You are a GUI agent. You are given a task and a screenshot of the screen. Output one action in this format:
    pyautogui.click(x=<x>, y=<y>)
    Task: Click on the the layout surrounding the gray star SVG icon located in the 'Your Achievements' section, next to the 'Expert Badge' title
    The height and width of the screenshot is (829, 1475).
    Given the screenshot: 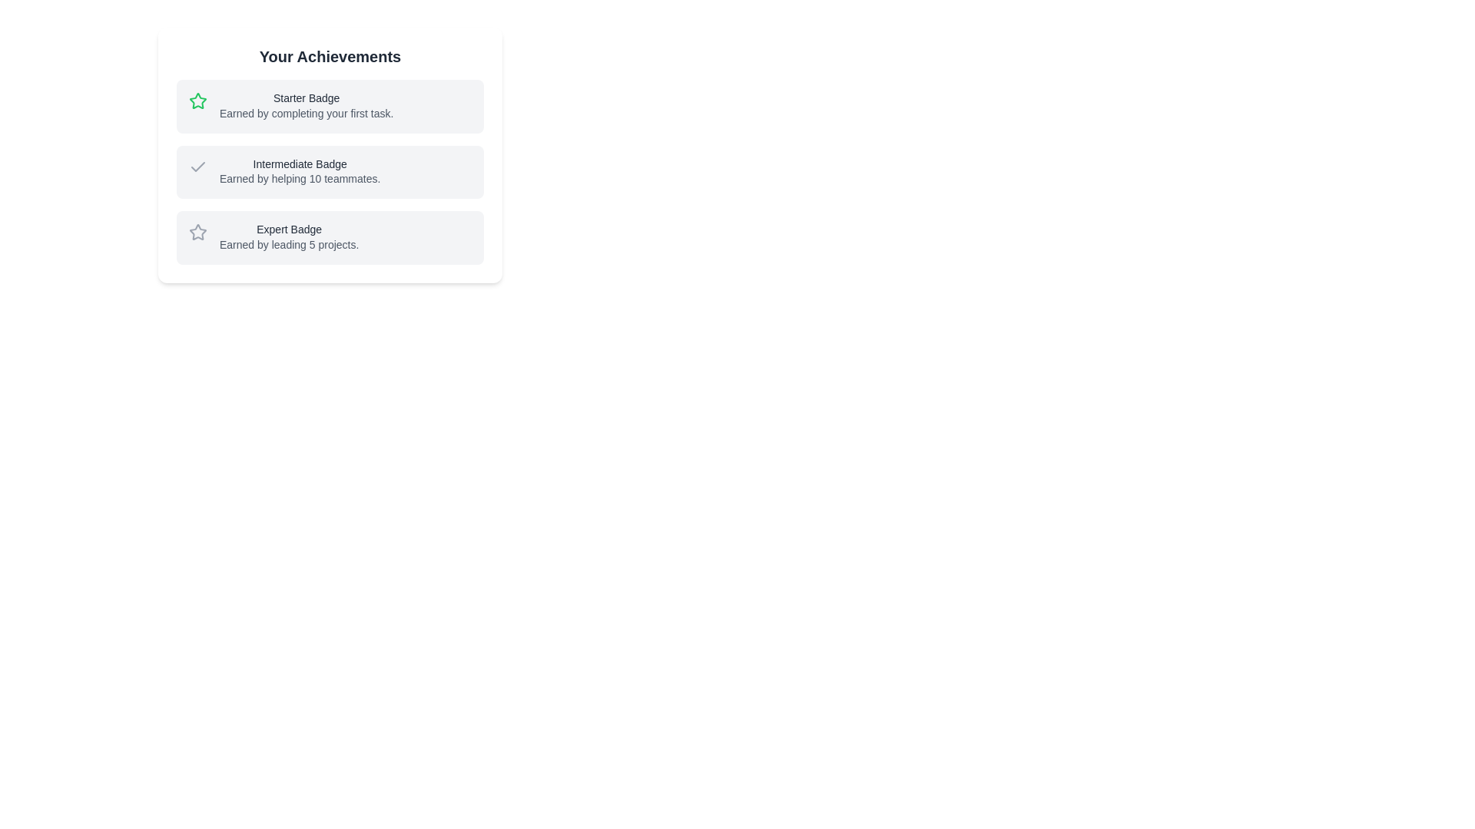 What is the action you would take?
    pyautogui.click(x=197, y=232)
    